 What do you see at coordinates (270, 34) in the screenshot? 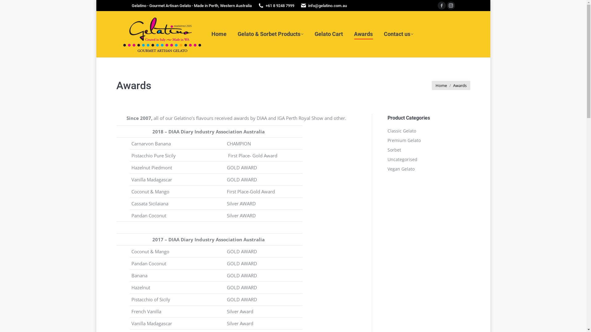
I see `'Gelato & Sorbet Products'` at bounding box center [270, 34].